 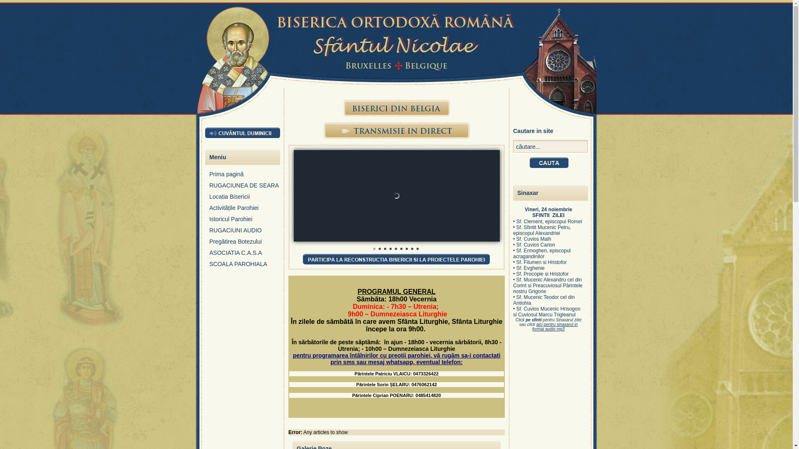 What do you see at coordinates (209, 187) in the screenshot?
I see `'RUGACIUNEA DE SEARA'` at bounding box center [209, 187].